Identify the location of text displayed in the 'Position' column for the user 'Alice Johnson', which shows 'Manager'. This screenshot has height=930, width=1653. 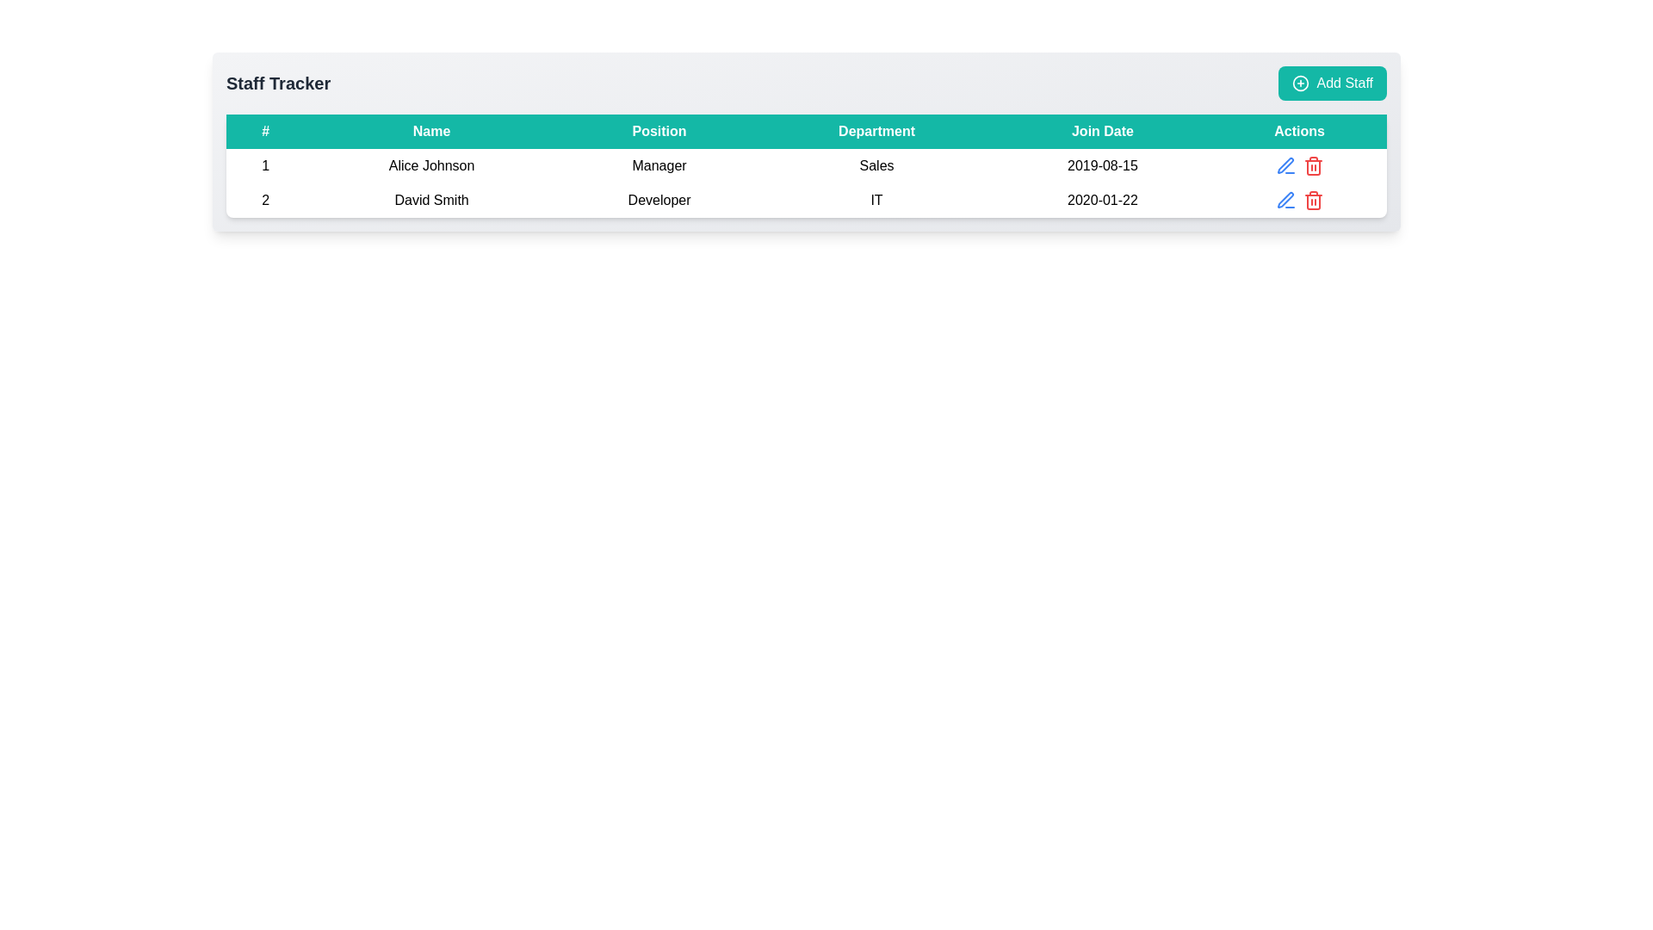
(659, 165).